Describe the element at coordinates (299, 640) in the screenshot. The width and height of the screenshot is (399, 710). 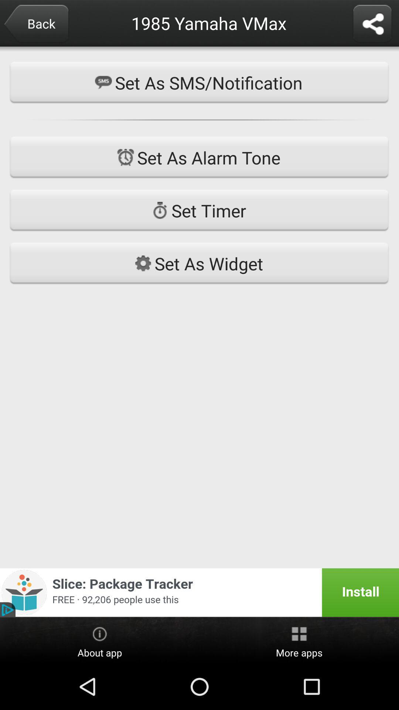
I see `the item next to the about app` at that location.